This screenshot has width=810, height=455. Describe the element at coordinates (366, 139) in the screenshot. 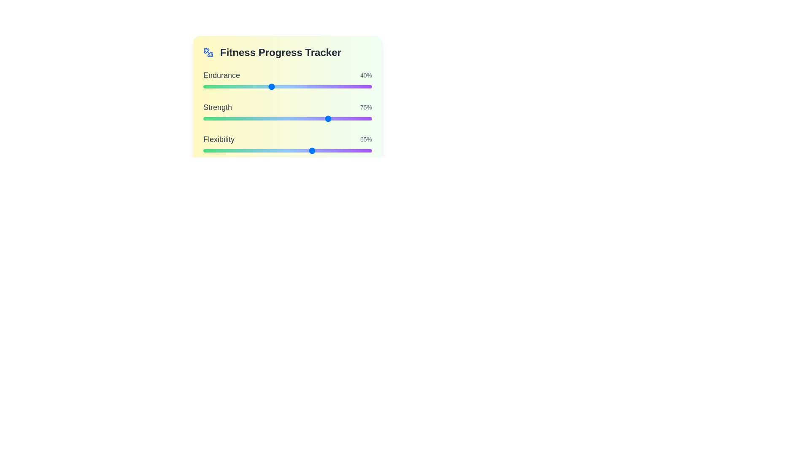

I see `the text element displaying '65%' in gray, located to the right of the 'Flexibility' progress bar` at that location.